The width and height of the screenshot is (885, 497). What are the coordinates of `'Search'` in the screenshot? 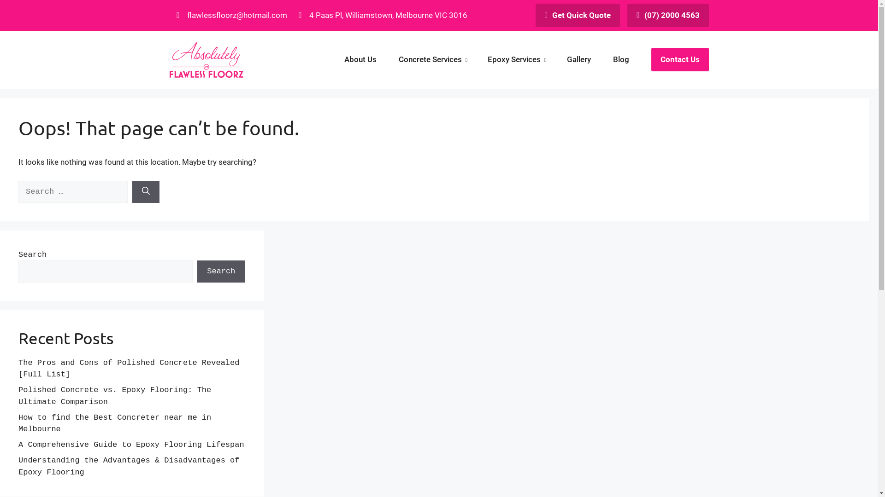 It's located at (220, 271).